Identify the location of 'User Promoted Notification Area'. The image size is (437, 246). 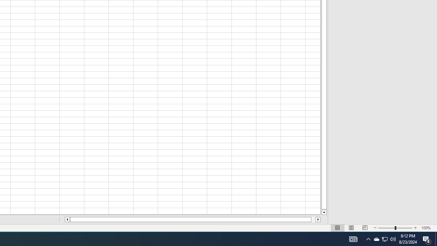
(385, 238).